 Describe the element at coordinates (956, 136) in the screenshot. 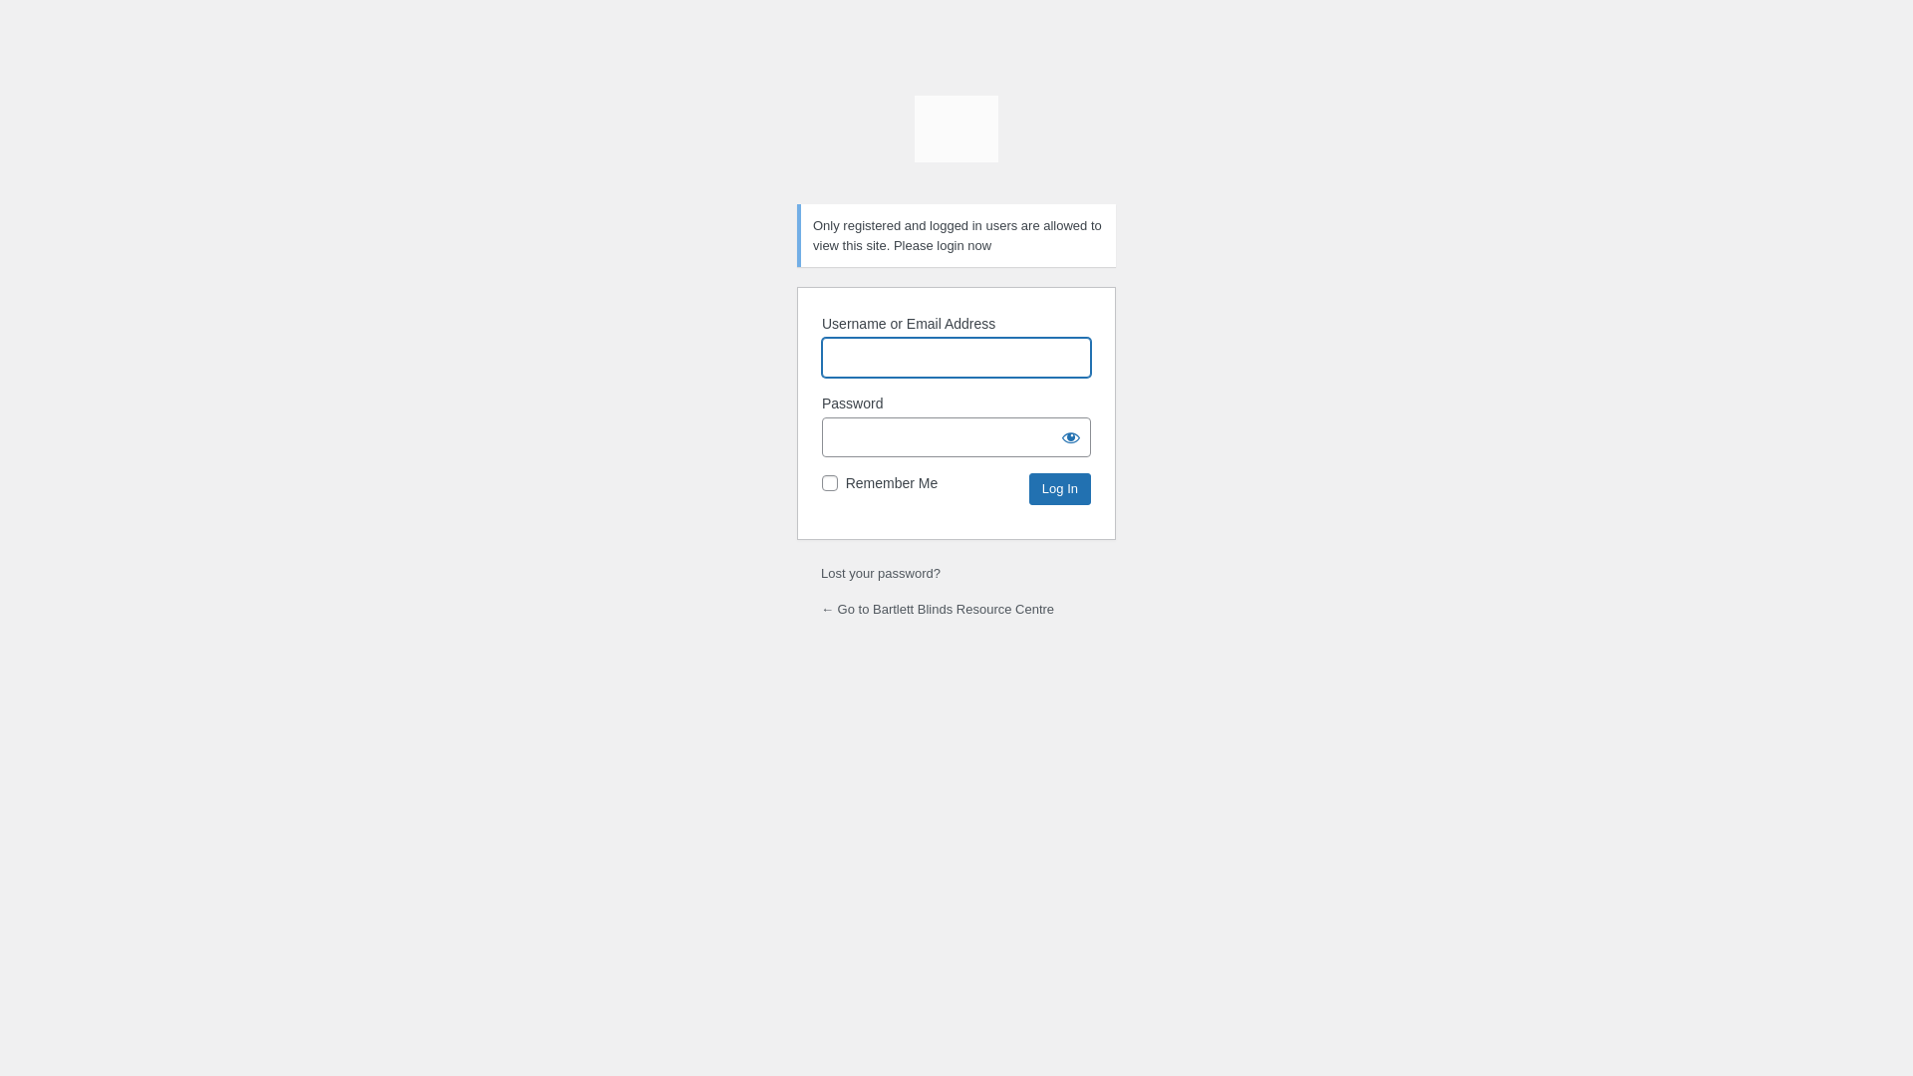

I see `'Powered by WordPress'` at that location.